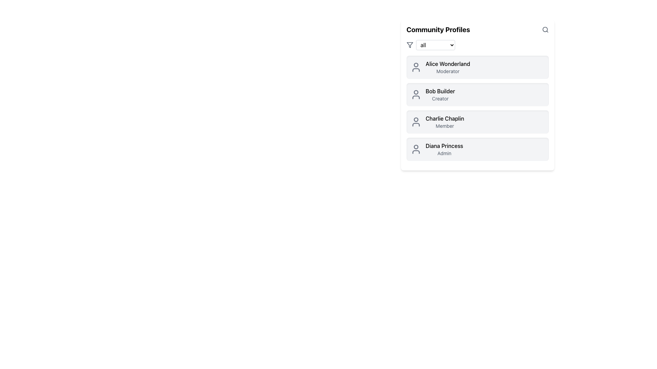  What do you see at coordinates (448, 64) in the screenshot?
I see `the text label displaying 'Alice Wonderland'` at bounding box center [448, 64].